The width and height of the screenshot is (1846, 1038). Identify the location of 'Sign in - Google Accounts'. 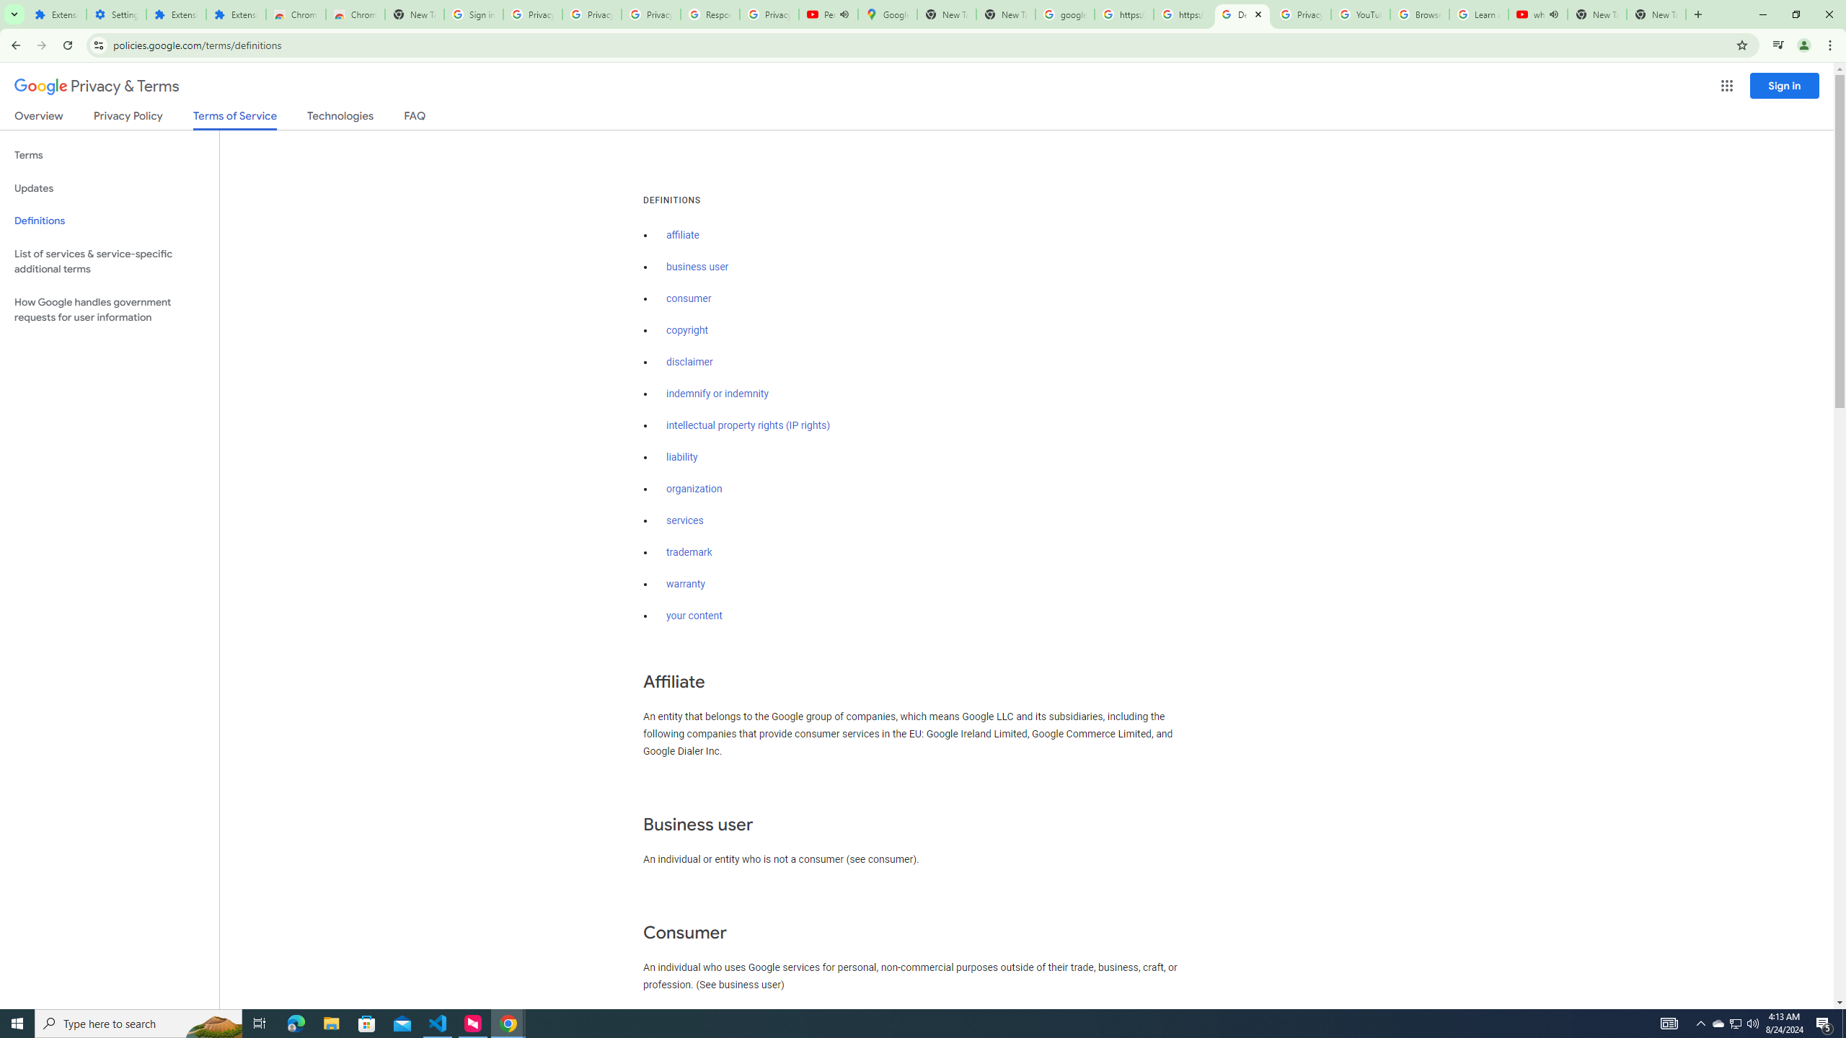
(473, 14).